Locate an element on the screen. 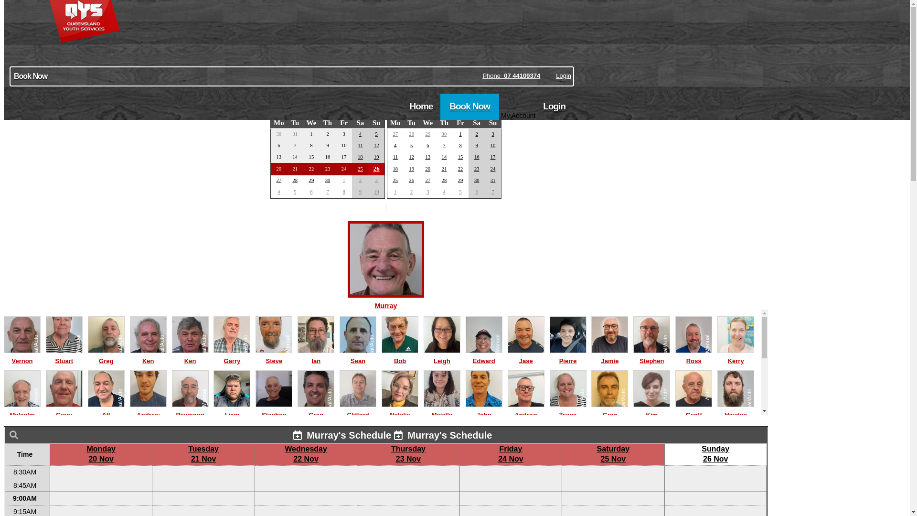  '3' is located at coordinates (427, 192).